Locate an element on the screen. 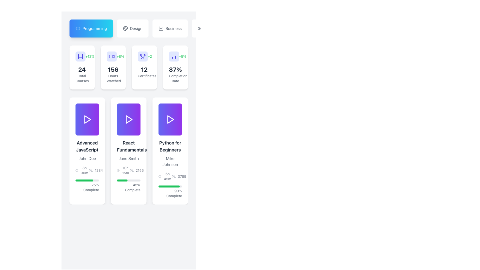 The image size is (480, 270). the static text displaying the duration of the 'React Fundamentals' course, which is located in the center panel of the course card, below the title and user name, and above the progress bar is located at coordinates (125, 170).